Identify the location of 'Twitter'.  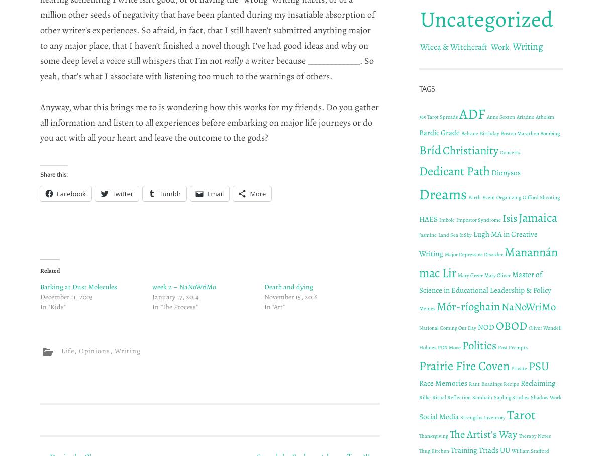
(122, 193).